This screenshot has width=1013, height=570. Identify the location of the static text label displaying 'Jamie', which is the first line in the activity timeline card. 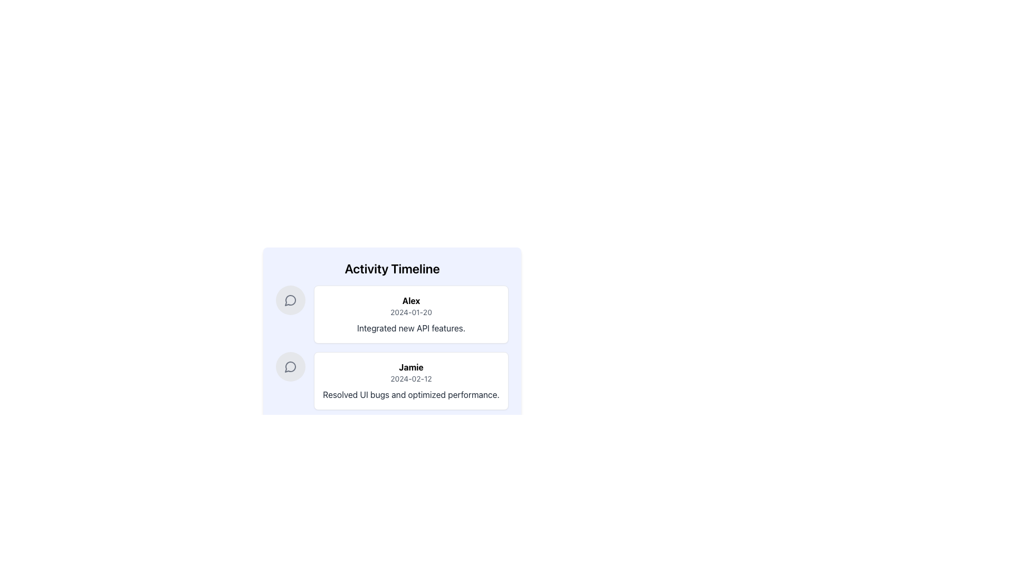
(410, 366).